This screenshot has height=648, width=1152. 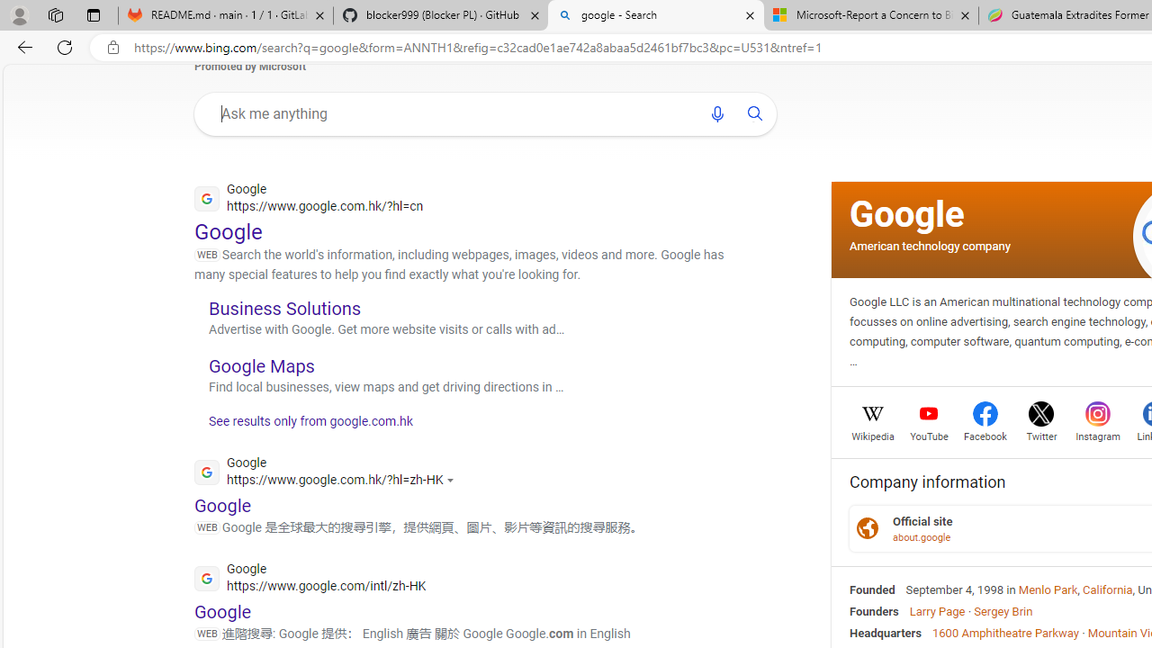 I want to click on 'Actions for this site', so click(x=453, y=479).